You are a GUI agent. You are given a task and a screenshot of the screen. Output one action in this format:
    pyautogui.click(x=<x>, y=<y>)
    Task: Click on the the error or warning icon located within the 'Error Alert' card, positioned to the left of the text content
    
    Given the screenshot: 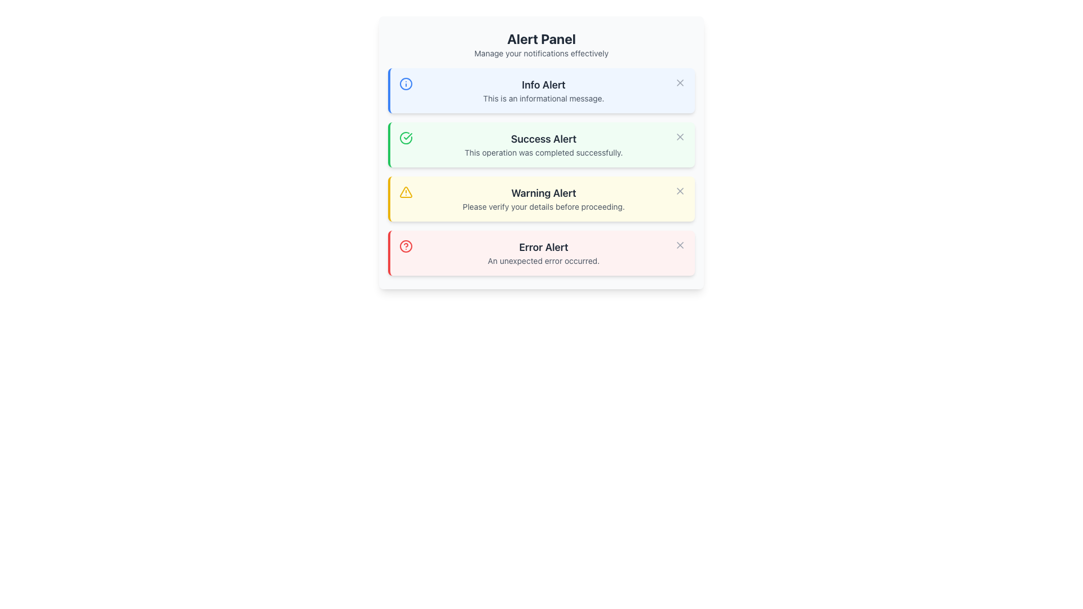 What is the action you would take?
    pyautogui.click(x=406, y=245)
    